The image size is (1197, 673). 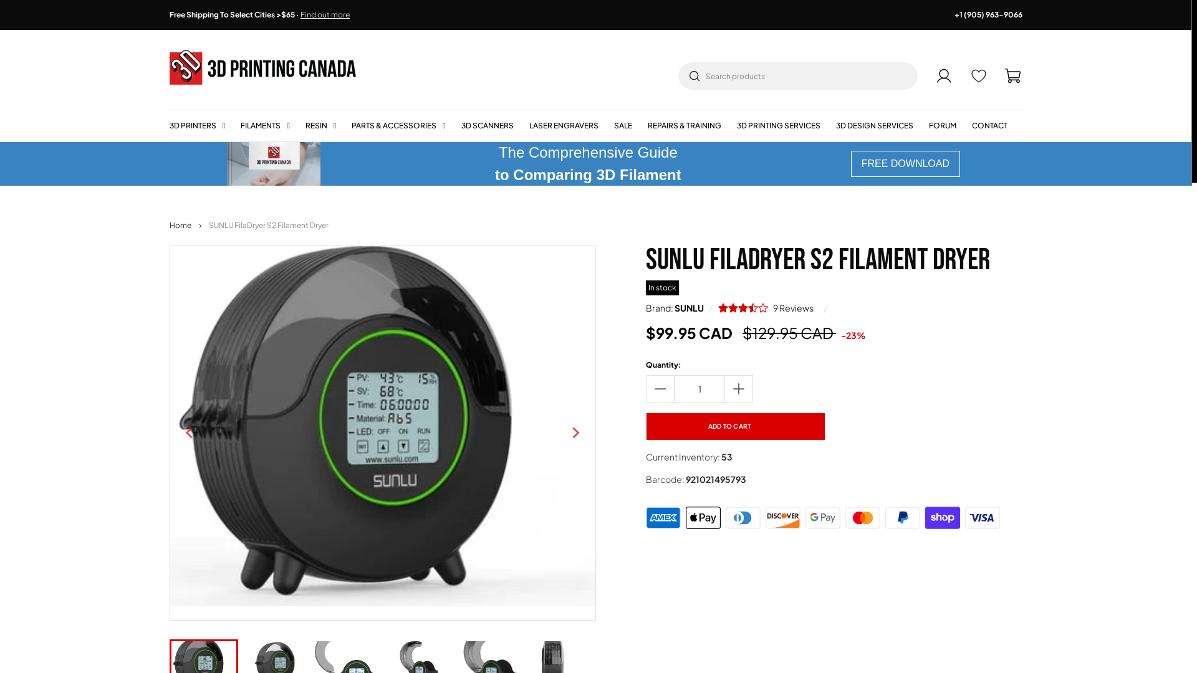 What do you see at coordinates (989, 125) in the screenshot?
I see `'CONTACT'` at bounding box center [989, 125].